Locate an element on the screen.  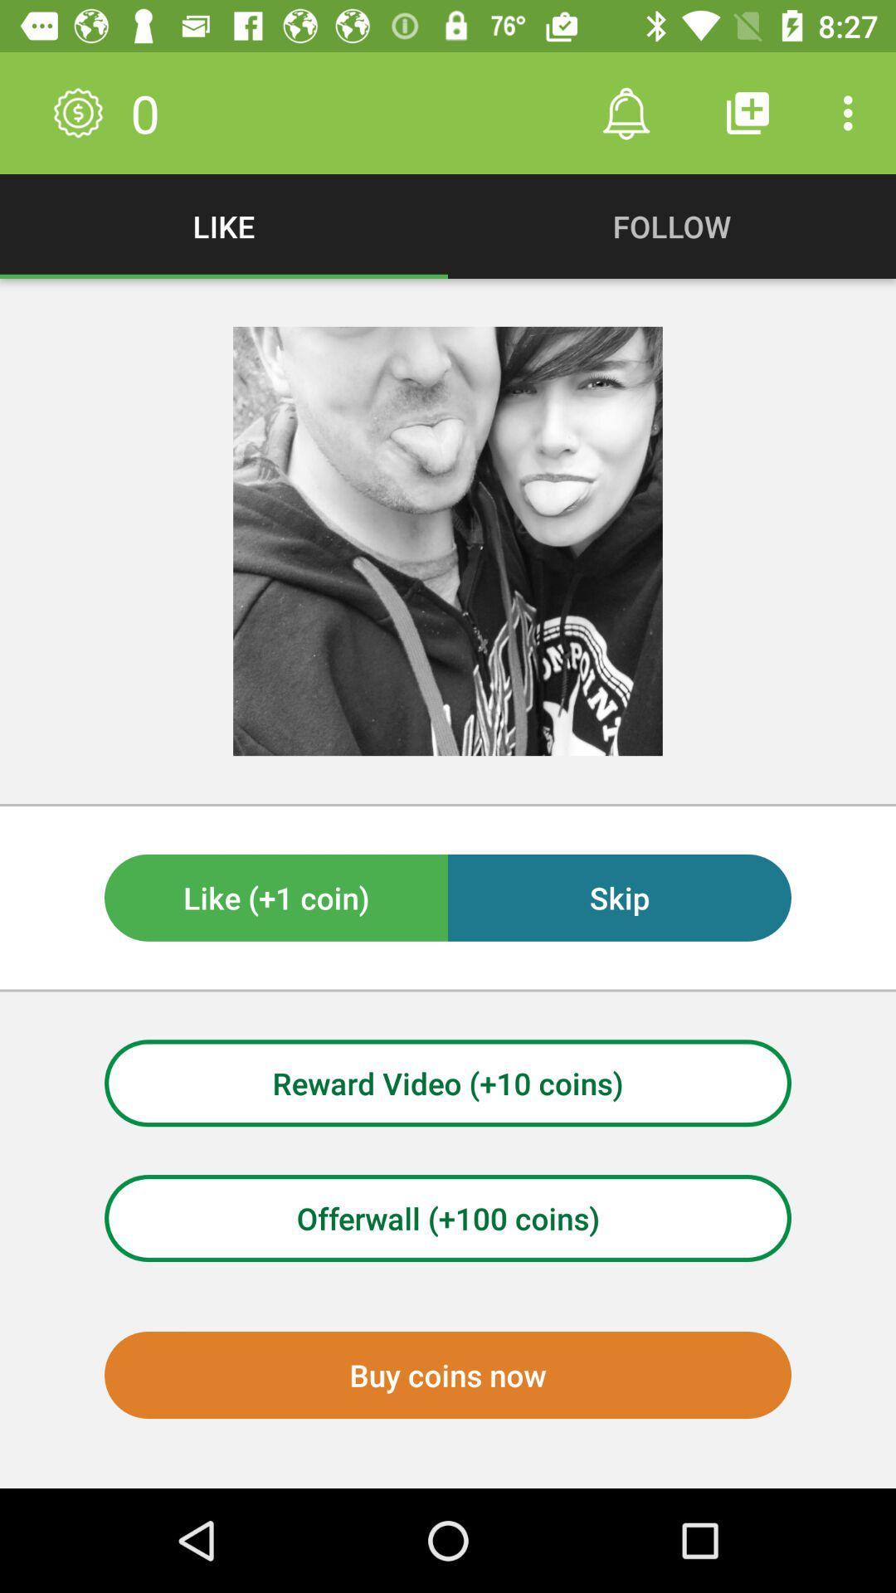
the item next to the skip icon is located at coordinates (275, 897).